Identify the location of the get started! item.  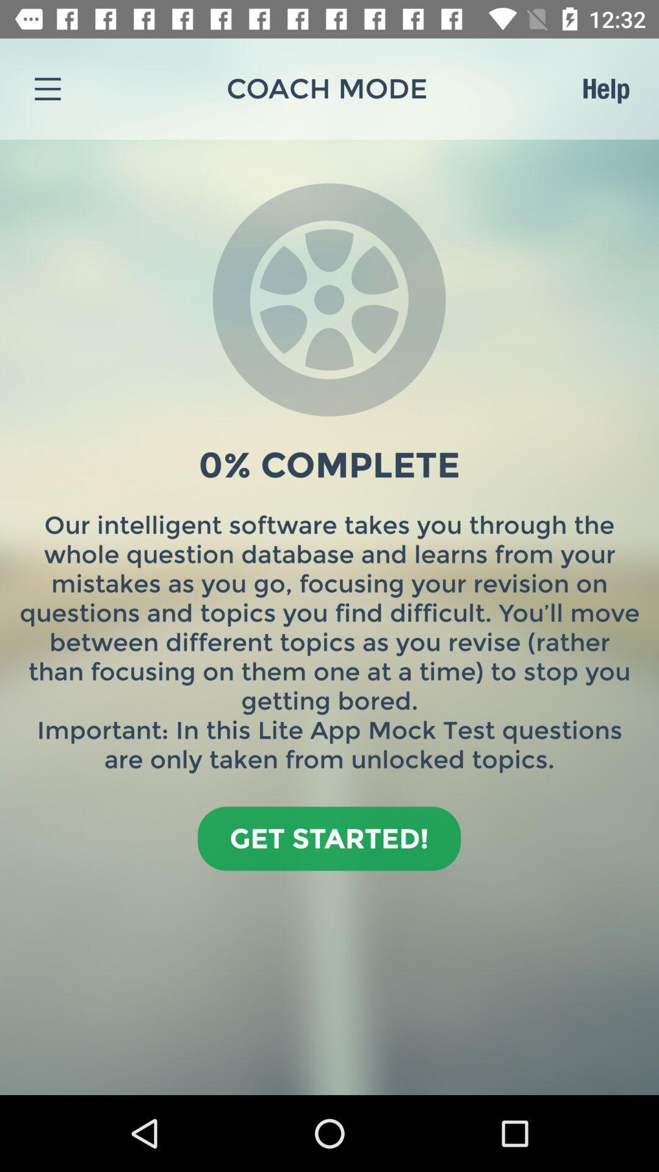
(328, 837).